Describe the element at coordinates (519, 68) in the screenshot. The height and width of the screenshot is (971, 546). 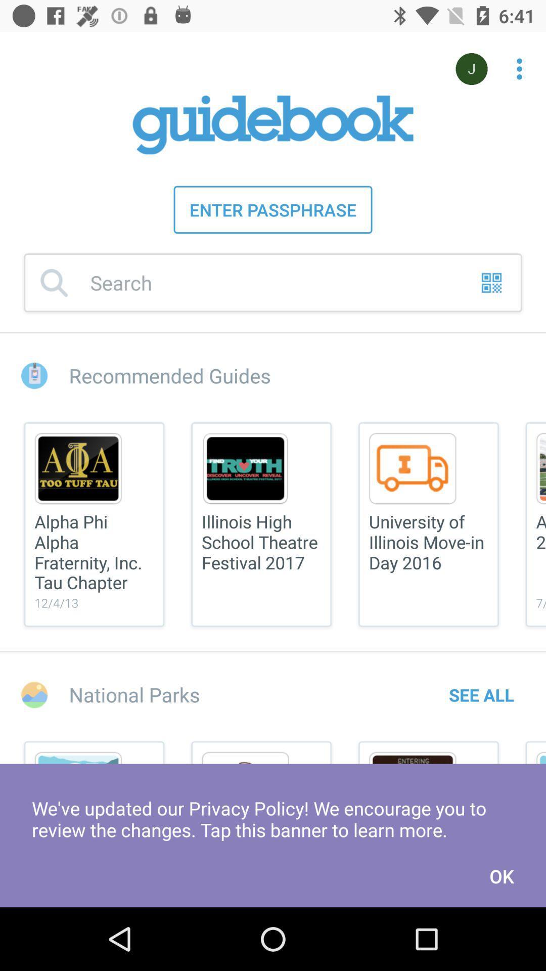
I see `the more icon` at that location.